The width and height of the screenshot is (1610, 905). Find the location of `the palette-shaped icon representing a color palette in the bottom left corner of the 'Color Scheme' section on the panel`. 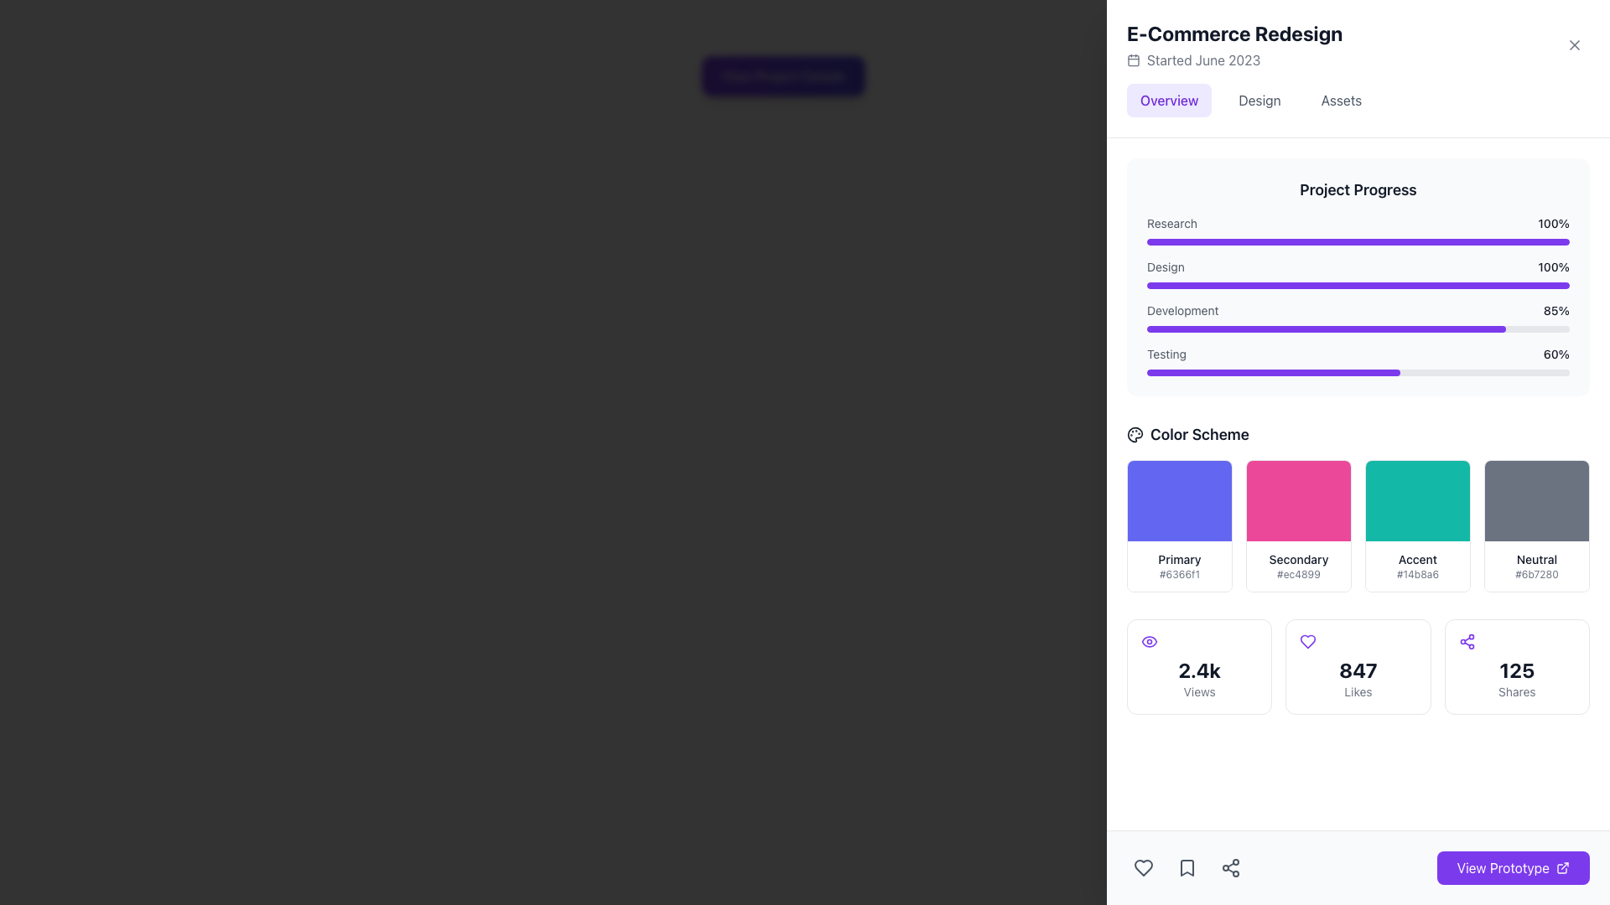

the palette-shaped icon representing a color palette in the bottom left corner of the 'Color Scheme' section on the panel is located at coordinates (1135, 434).